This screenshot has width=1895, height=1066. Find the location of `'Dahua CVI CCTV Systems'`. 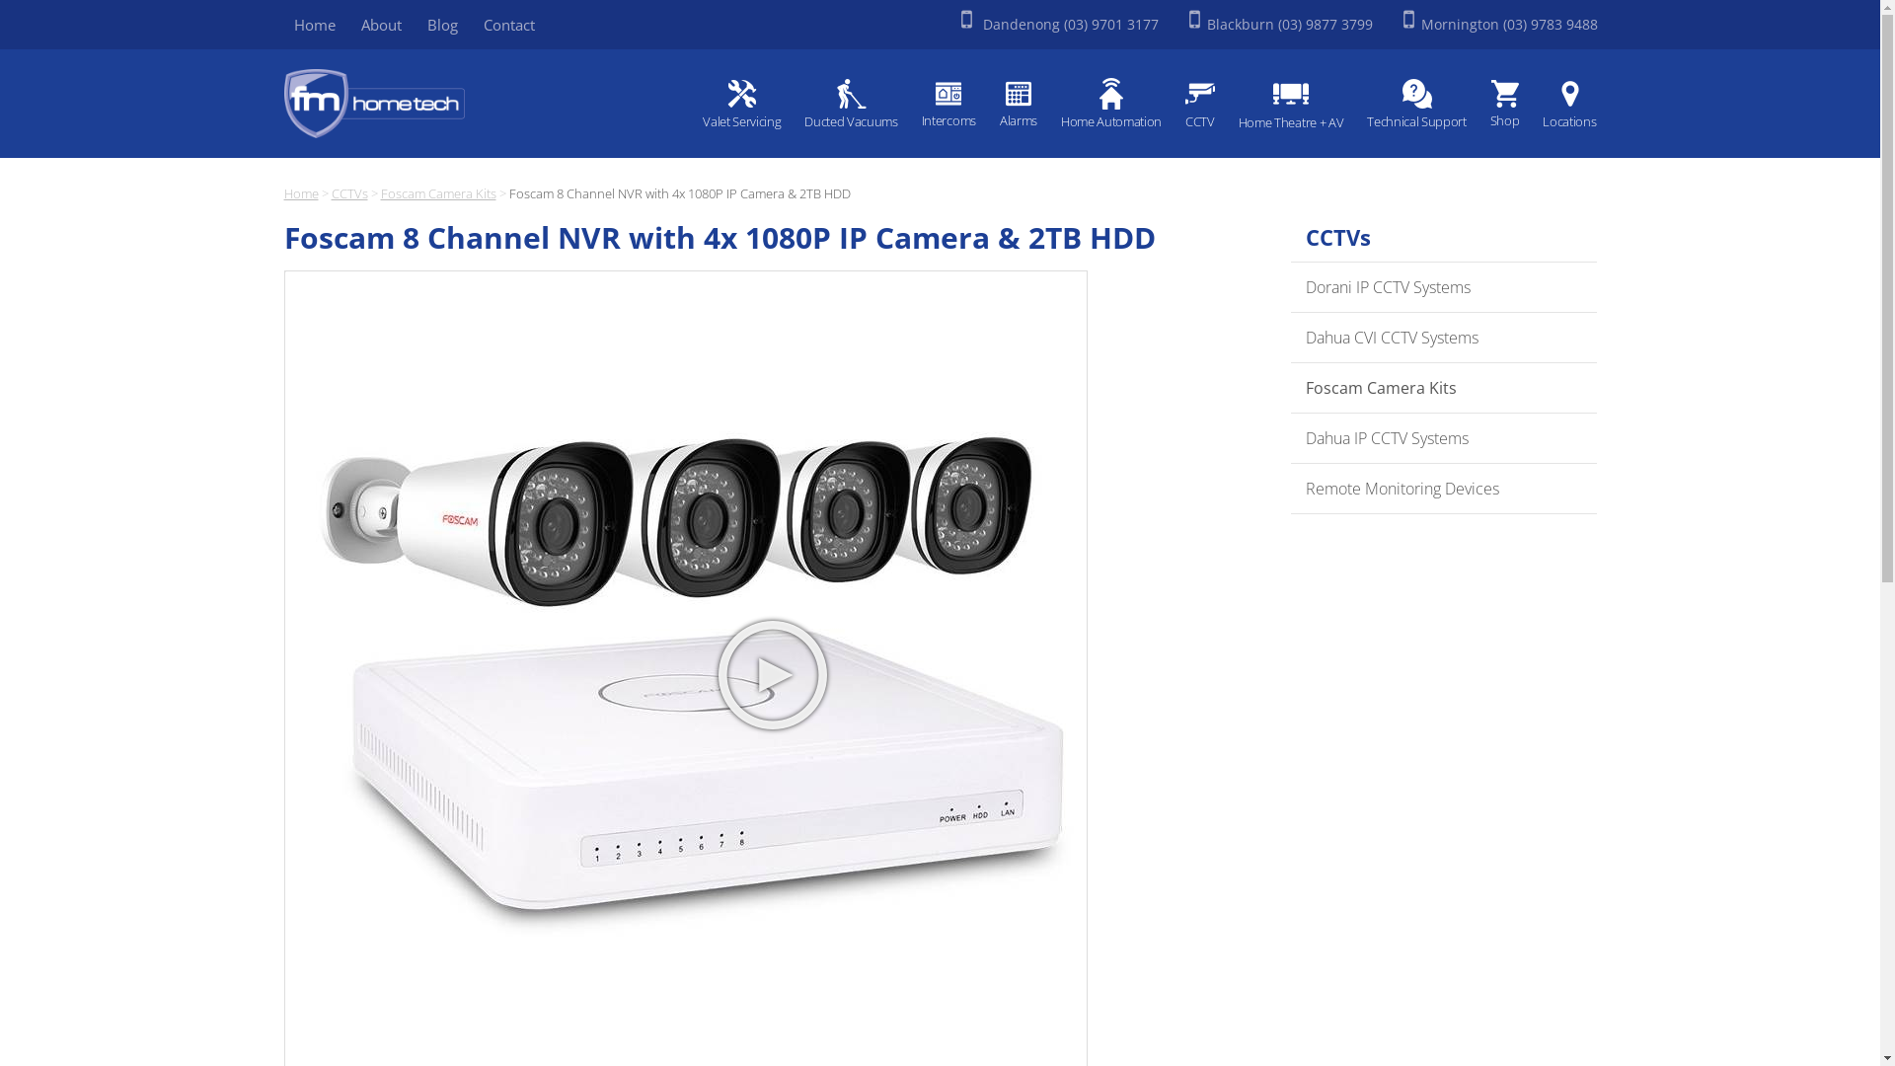

'Dahua CVI CCTV Systems' is located at coordinates (1444, 337).